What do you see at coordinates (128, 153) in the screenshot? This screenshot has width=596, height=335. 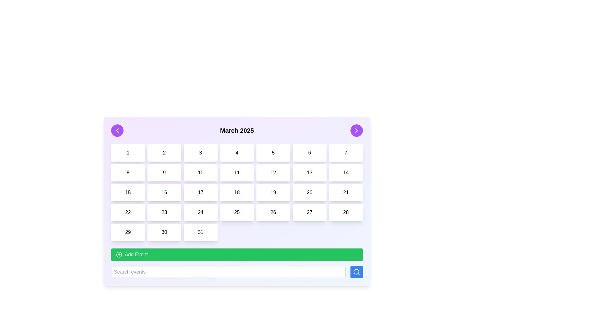 I see `the rounded rectangular button with a white background and the number '1' centered in black text` at bounding box center [128, 153].